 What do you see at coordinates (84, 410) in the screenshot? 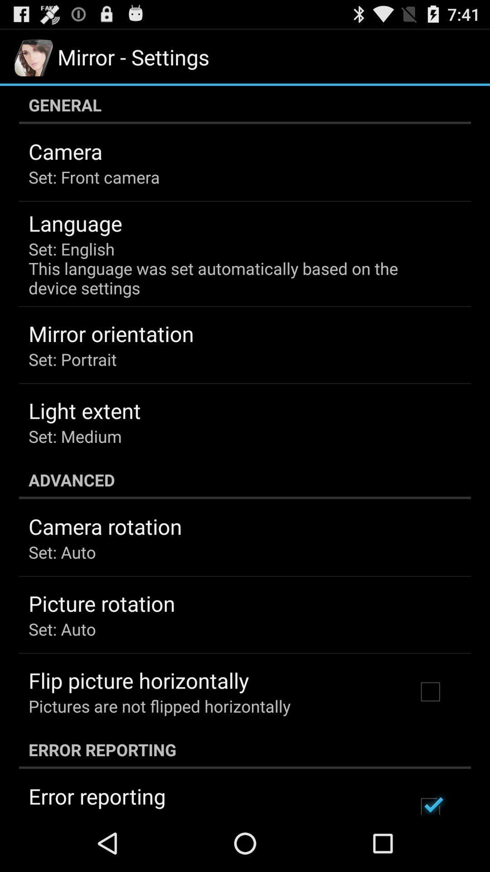
I see `the light extent` at bounding box center [84, 410].